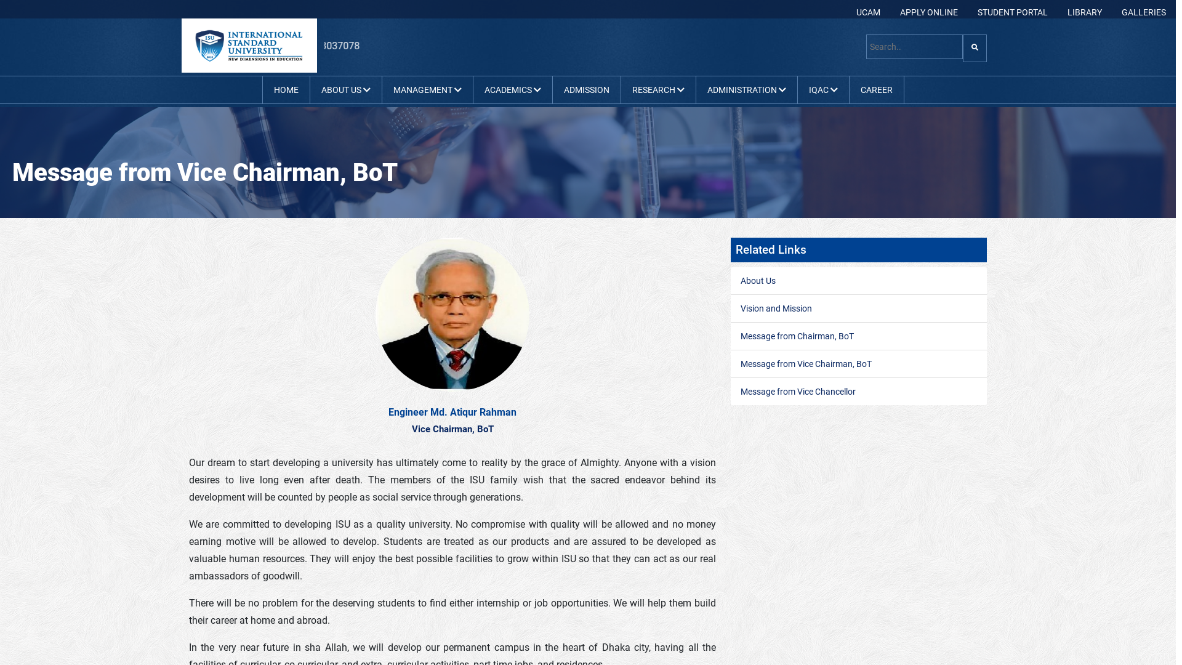 This screenshot has height=665, width=1182. I want to click on 'UCAM', so click(867, 12).